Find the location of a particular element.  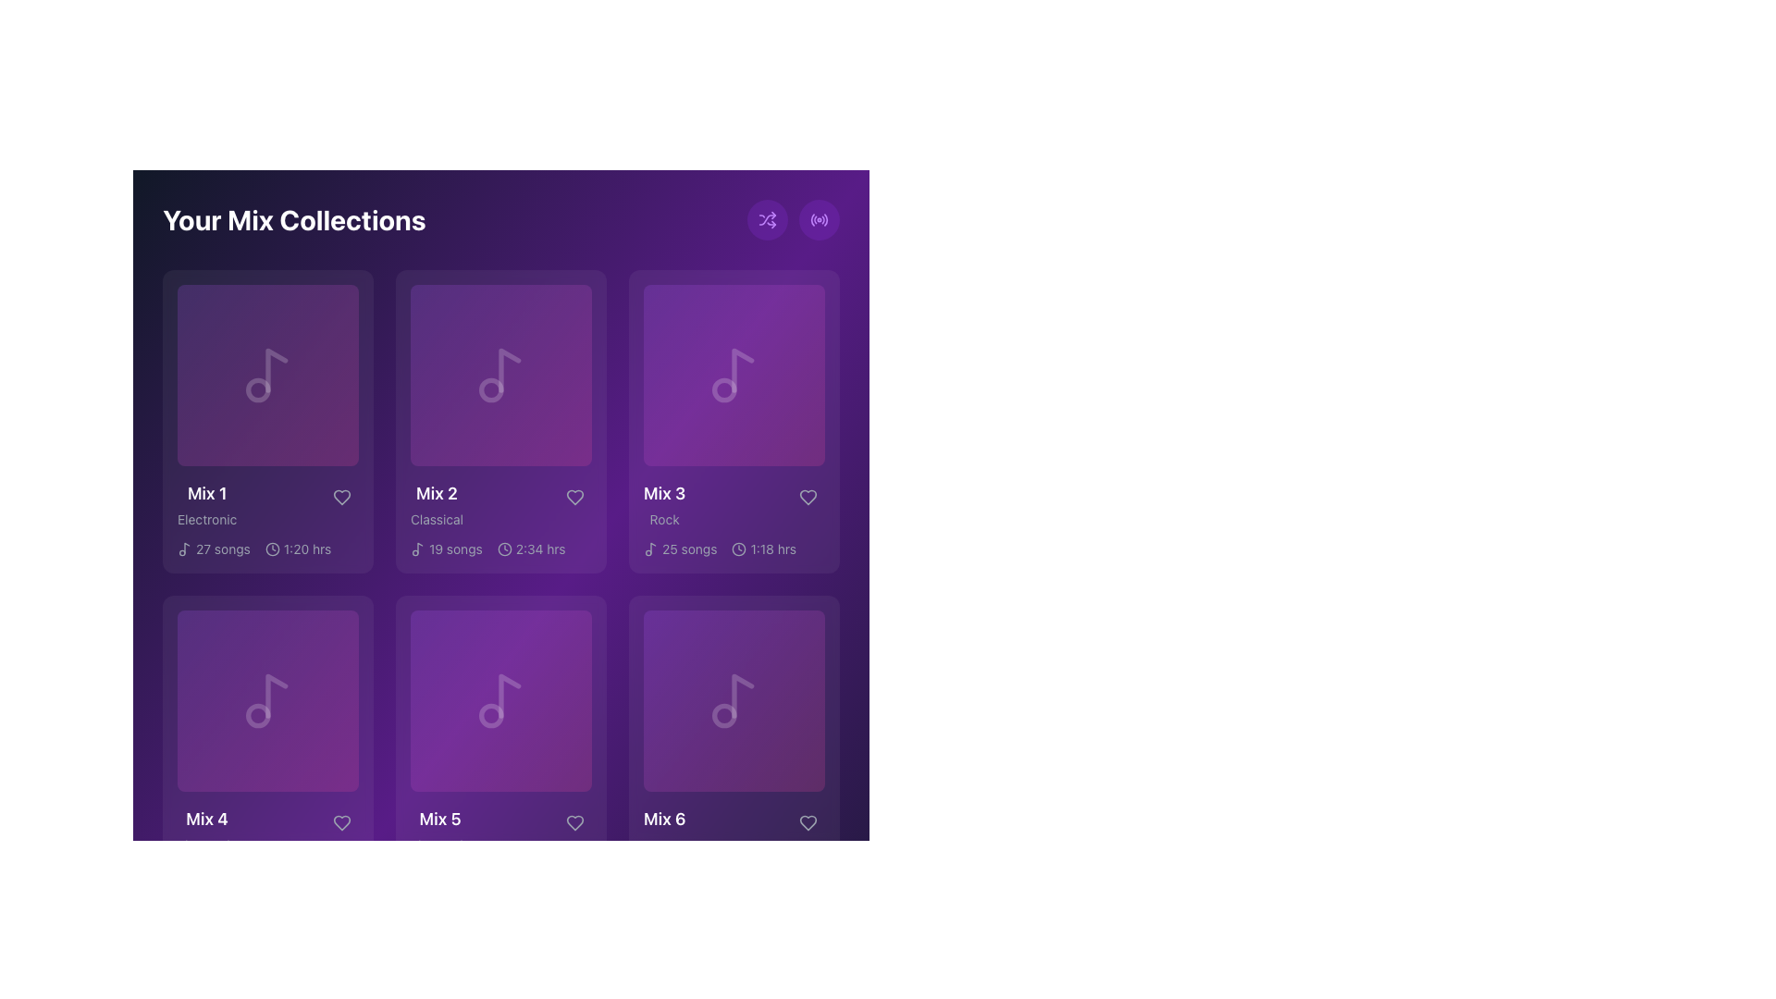

the circular purple button with a play icon in the center located in the Mix 1 collection card to initiate playback is located at coordinates (266, 375).